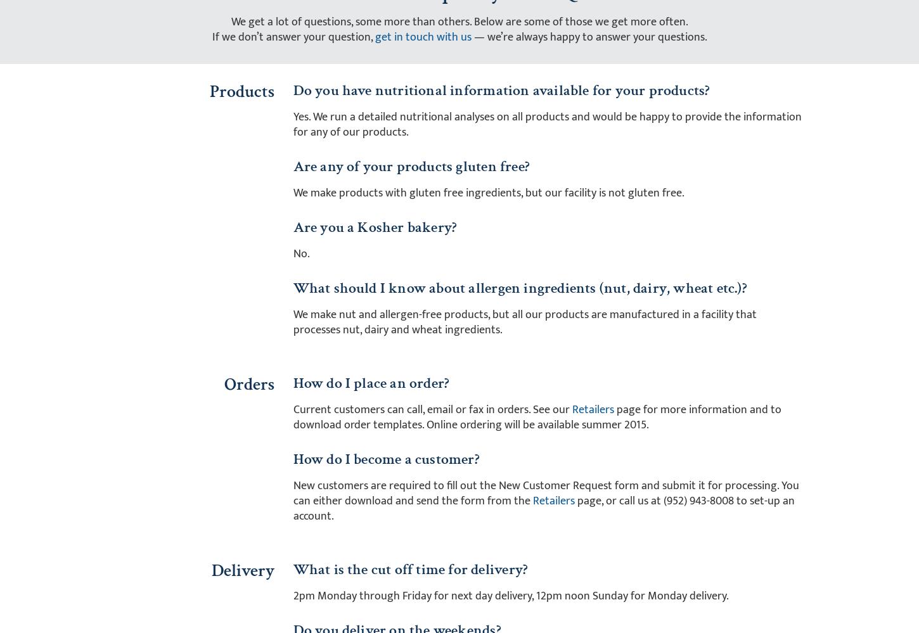 The width and height of the screenshot is (919, 633). What do you see at coordinates (292, 408) in the screenshot?
I see `'Current customers can call, email or fax in orders. See our'` at bounding box center [292, 408].